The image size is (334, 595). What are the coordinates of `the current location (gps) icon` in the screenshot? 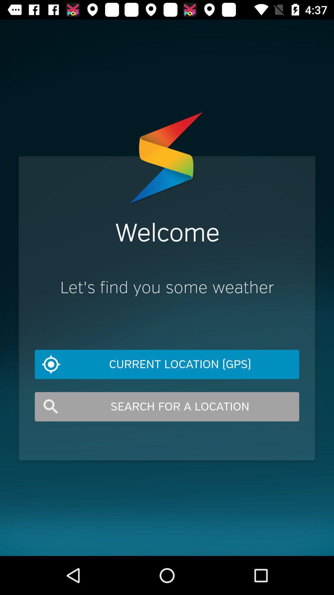 It's located at (167, 364).